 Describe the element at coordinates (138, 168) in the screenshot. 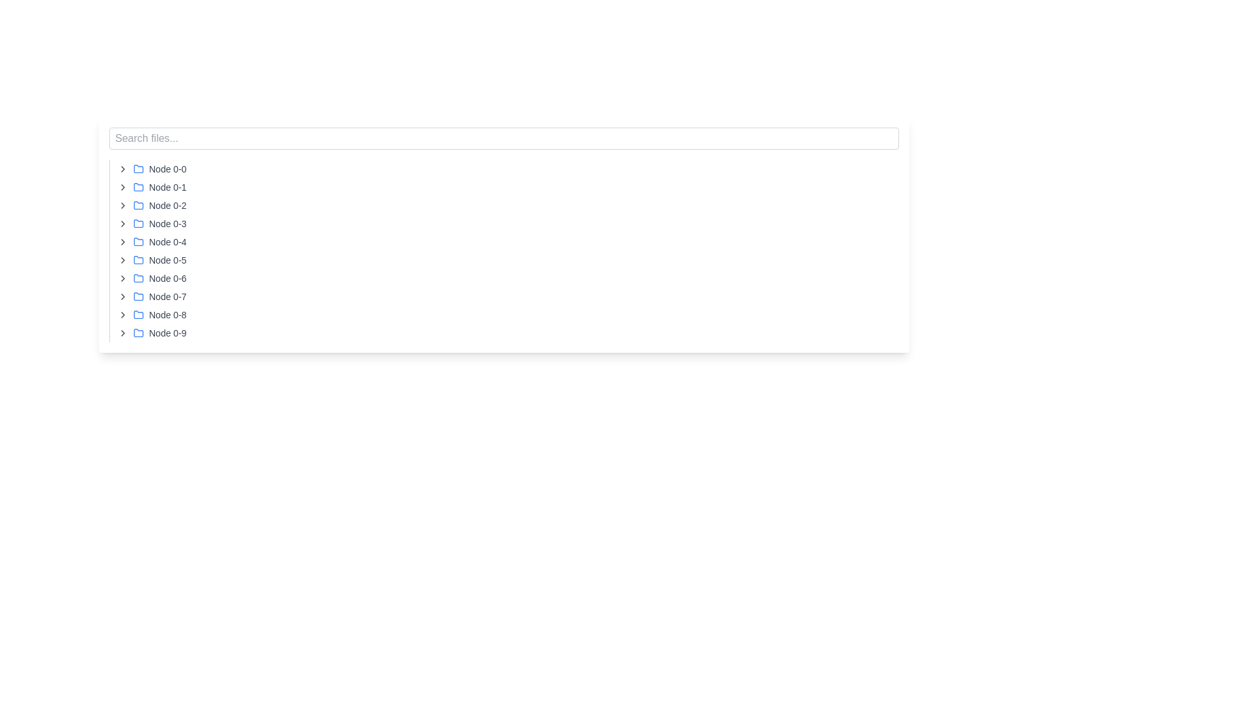

I see `the blue folder icon located next to the label 'Node 0-0' in the first listing entry of the sidebar` at that location.